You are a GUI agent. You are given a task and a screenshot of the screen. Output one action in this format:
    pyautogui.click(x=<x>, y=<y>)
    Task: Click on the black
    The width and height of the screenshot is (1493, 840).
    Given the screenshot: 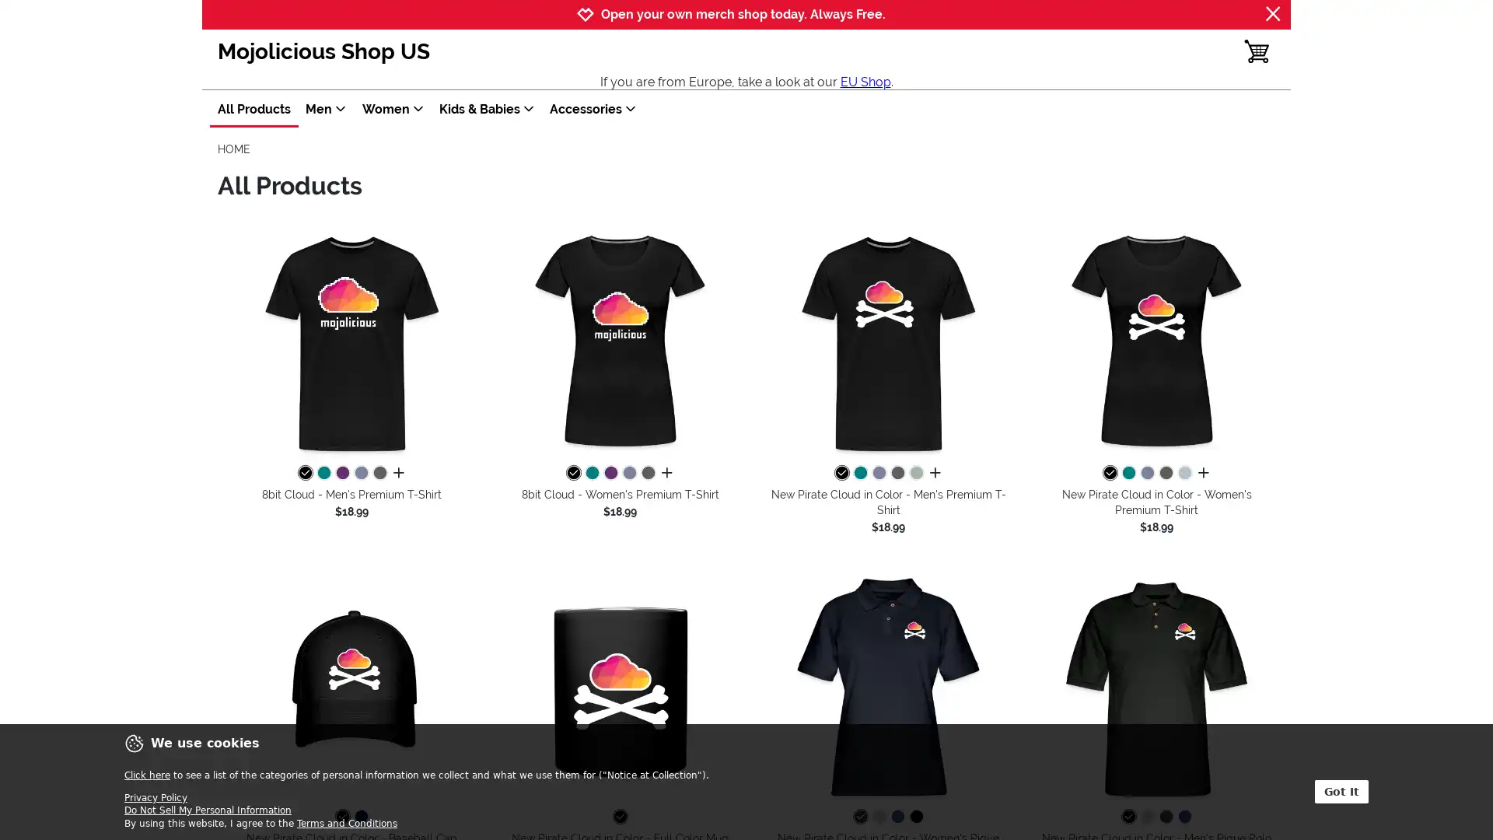 What is the action you would take?
    pyautogui.click(x=1128, y=817)
    